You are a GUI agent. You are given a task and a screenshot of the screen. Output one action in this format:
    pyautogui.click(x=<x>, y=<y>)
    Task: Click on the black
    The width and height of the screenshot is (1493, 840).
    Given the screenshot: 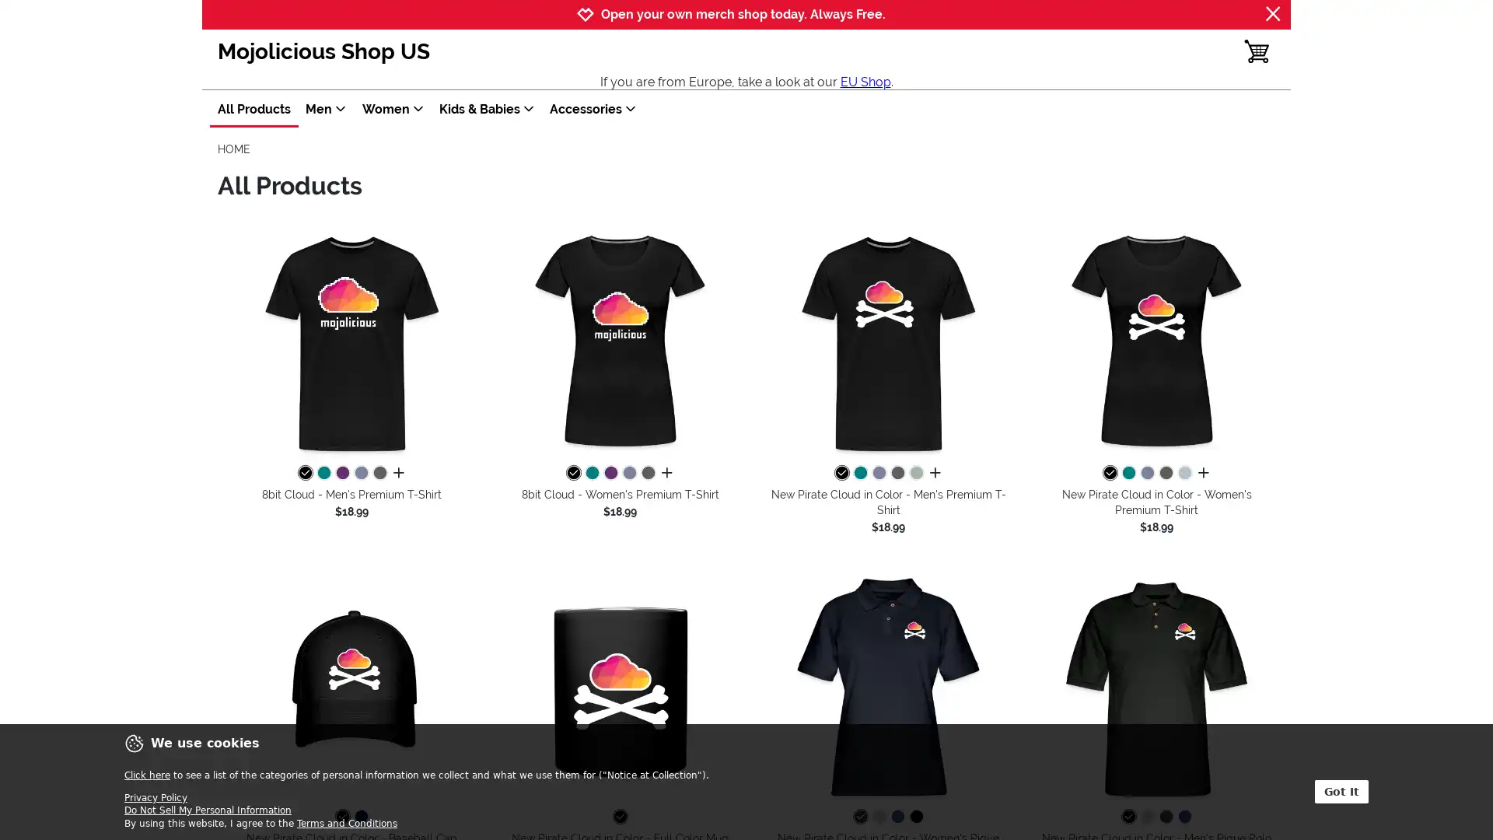 What is the action you would take?
    pyautogui.click(x=1128, y=817)
    